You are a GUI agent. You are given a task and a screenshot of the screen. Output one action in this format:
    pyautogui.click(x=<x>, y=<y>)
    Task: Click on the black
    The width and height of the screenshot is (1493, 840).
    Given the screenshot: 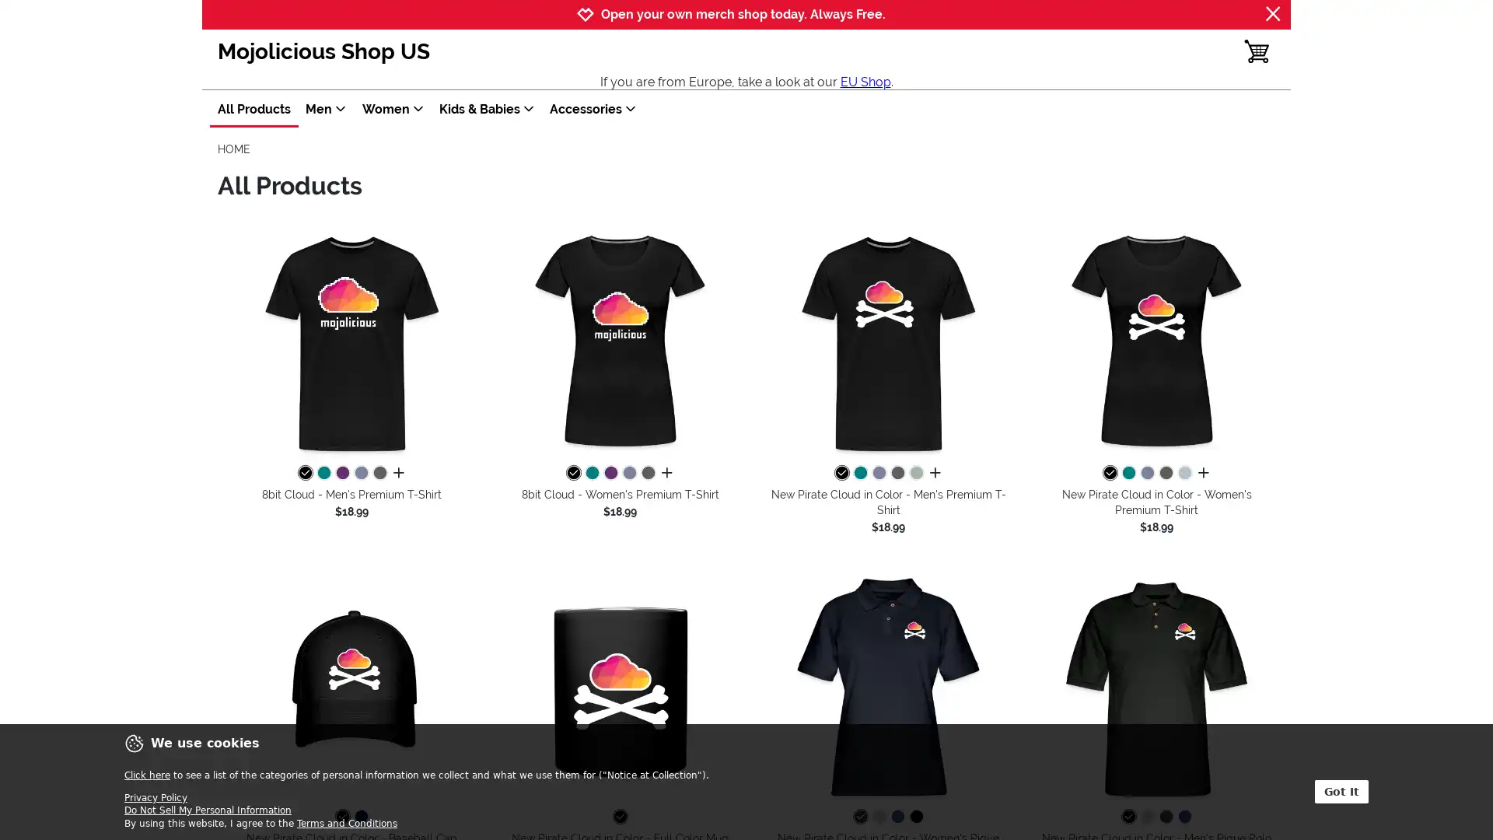 What is the action you would take?
    pyautogui.click(x=1128, y=817)
    